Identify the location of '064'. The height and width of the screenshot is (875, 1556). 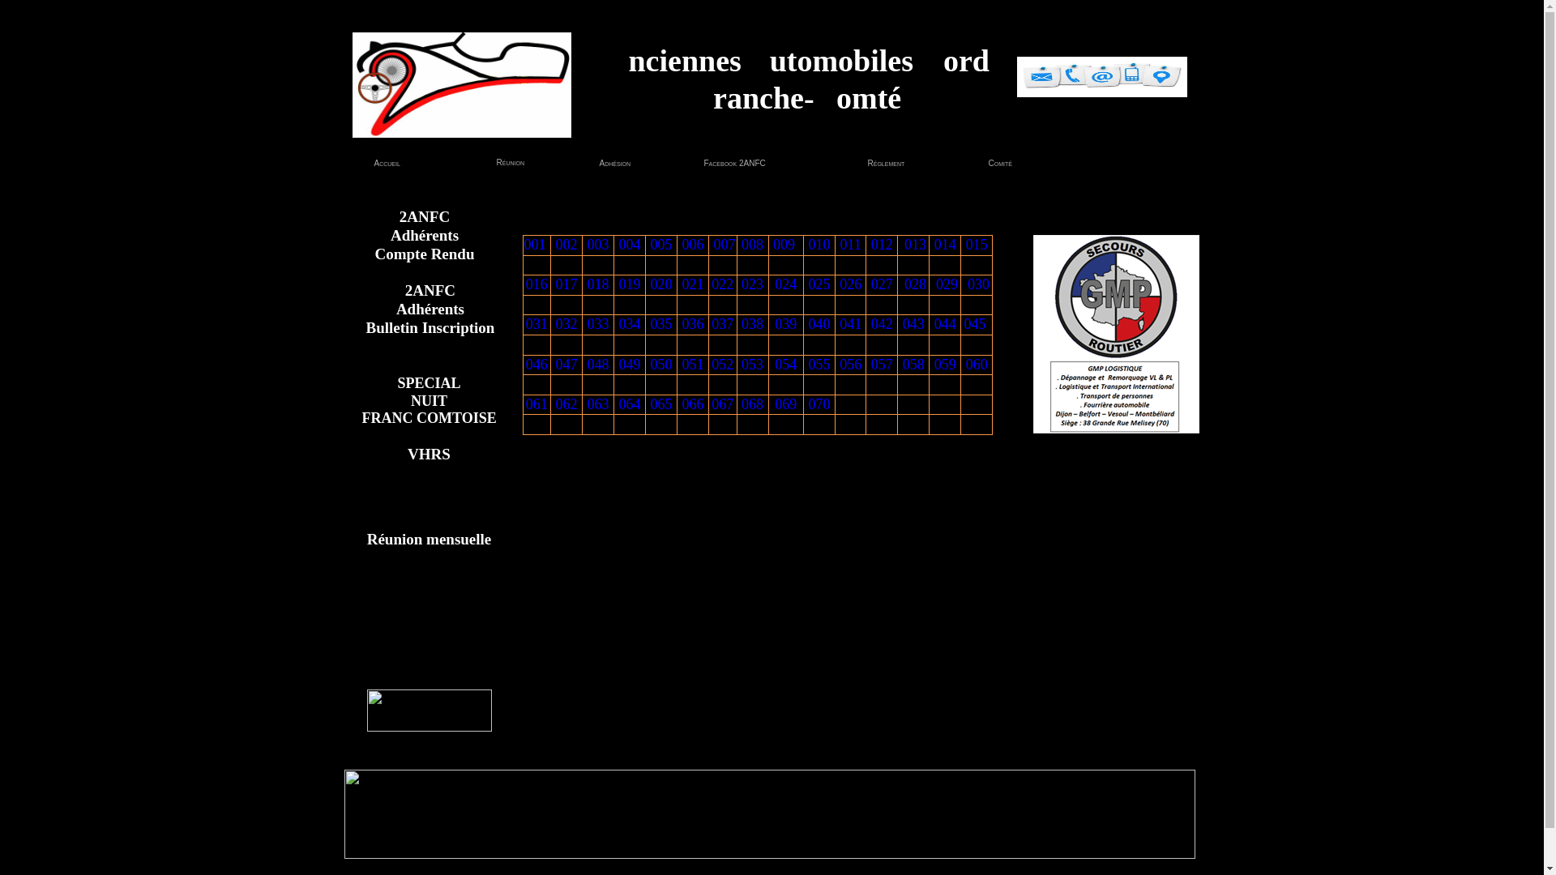
(629, 403).